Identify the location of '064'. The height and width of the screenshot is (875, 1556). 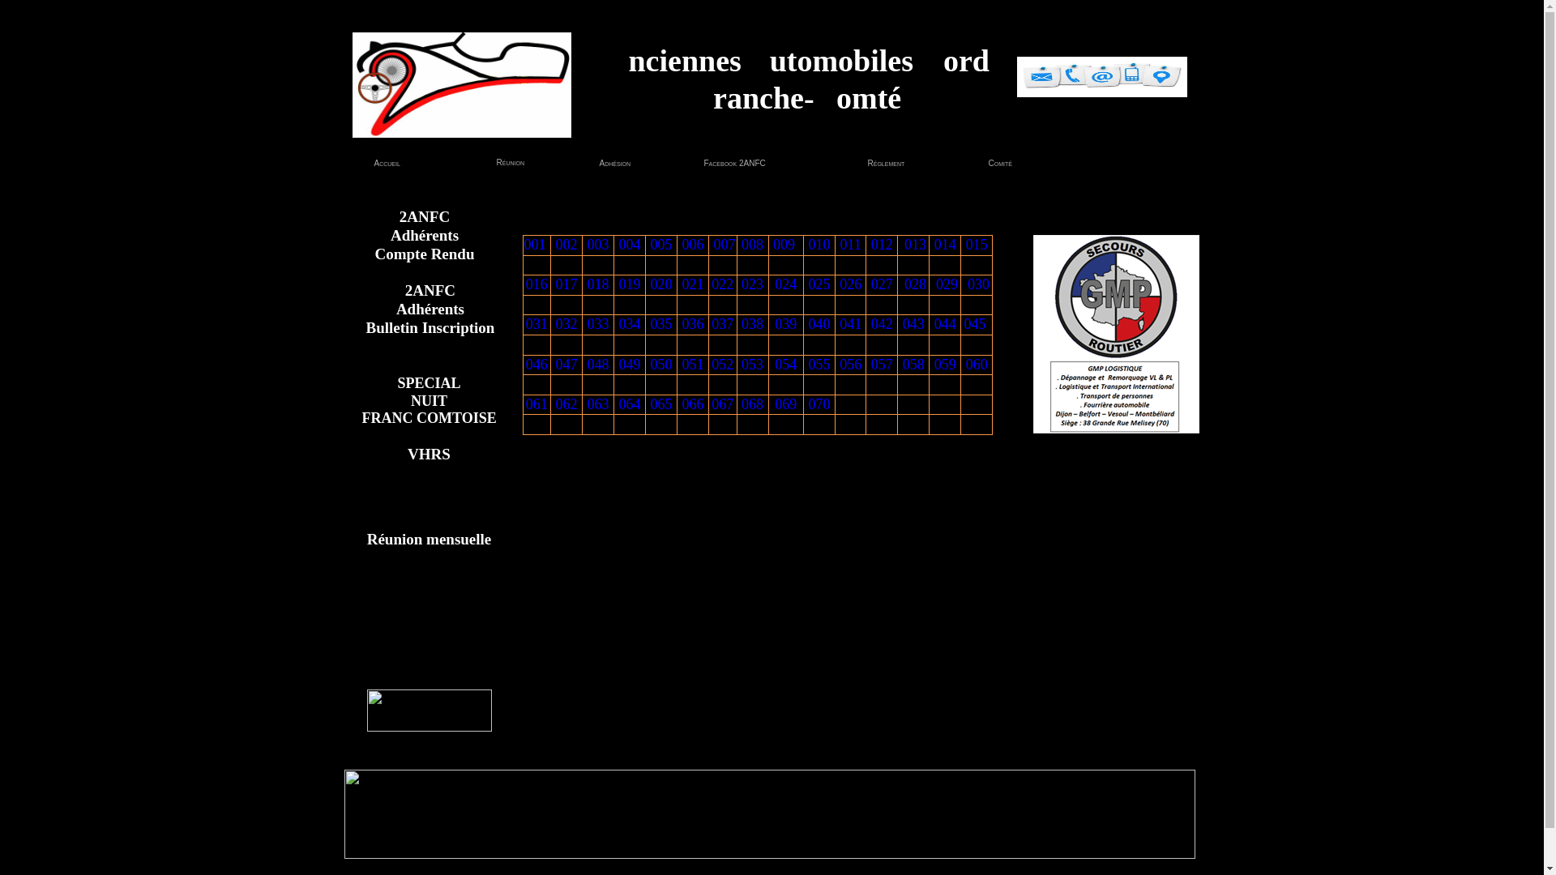
(629, 403).